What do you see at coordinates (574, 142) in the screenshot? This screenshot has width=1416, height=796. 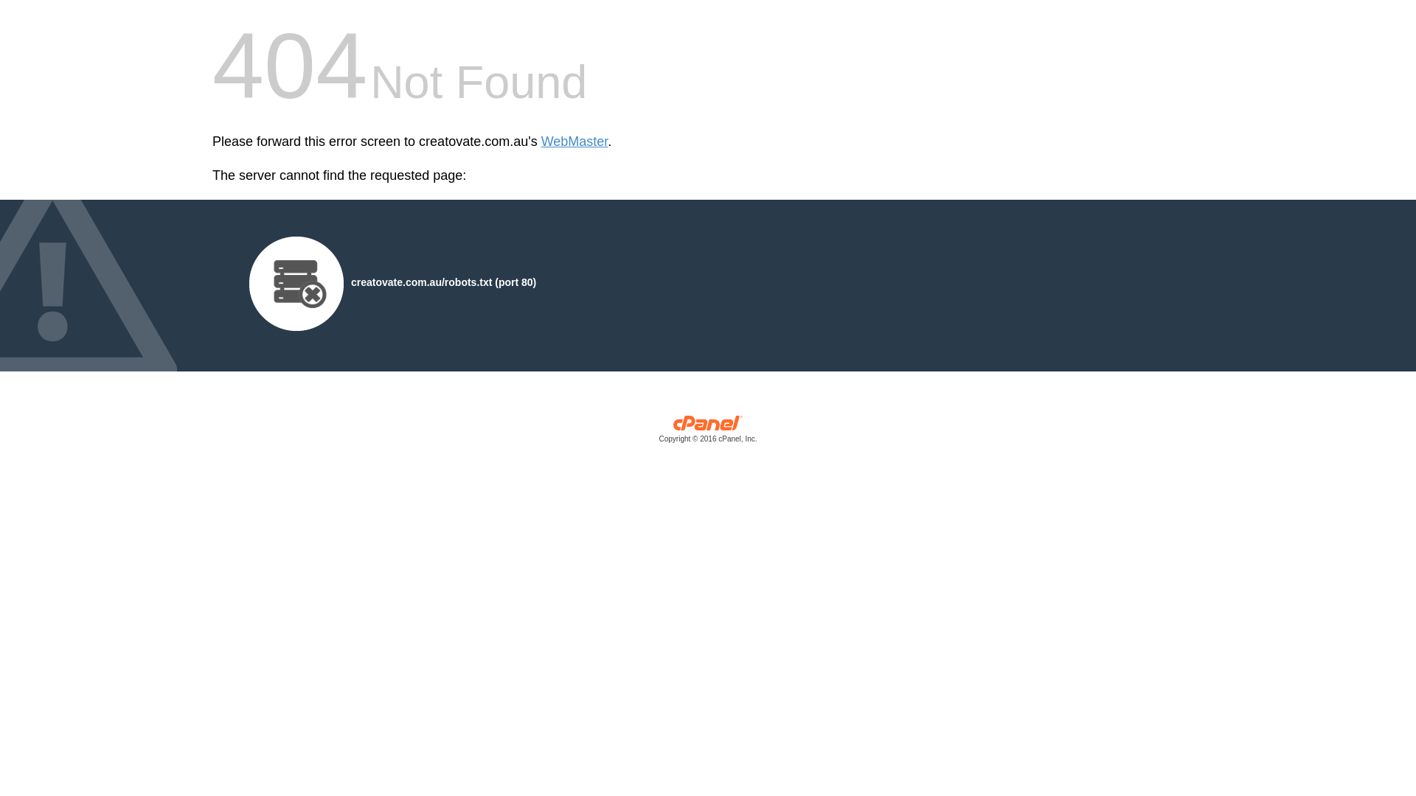 I see `'WebMaster'` at bounding box center [574, 142].